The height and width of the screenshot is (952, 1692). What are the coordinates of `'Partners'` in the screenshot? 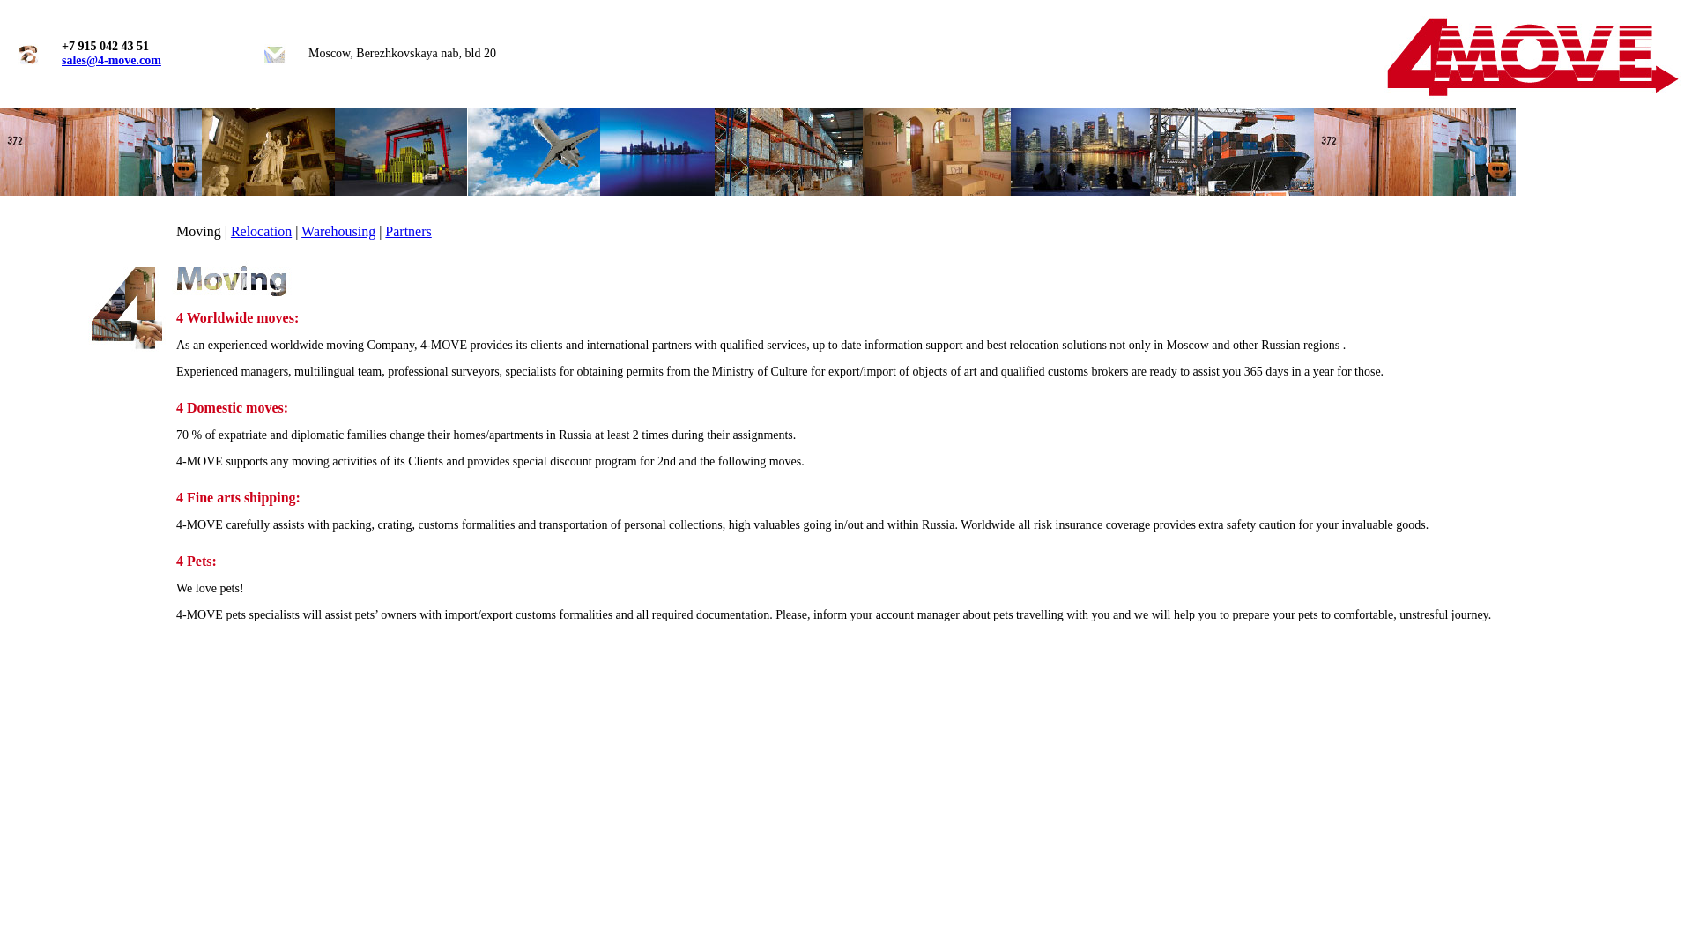 It's located at (406, 230).